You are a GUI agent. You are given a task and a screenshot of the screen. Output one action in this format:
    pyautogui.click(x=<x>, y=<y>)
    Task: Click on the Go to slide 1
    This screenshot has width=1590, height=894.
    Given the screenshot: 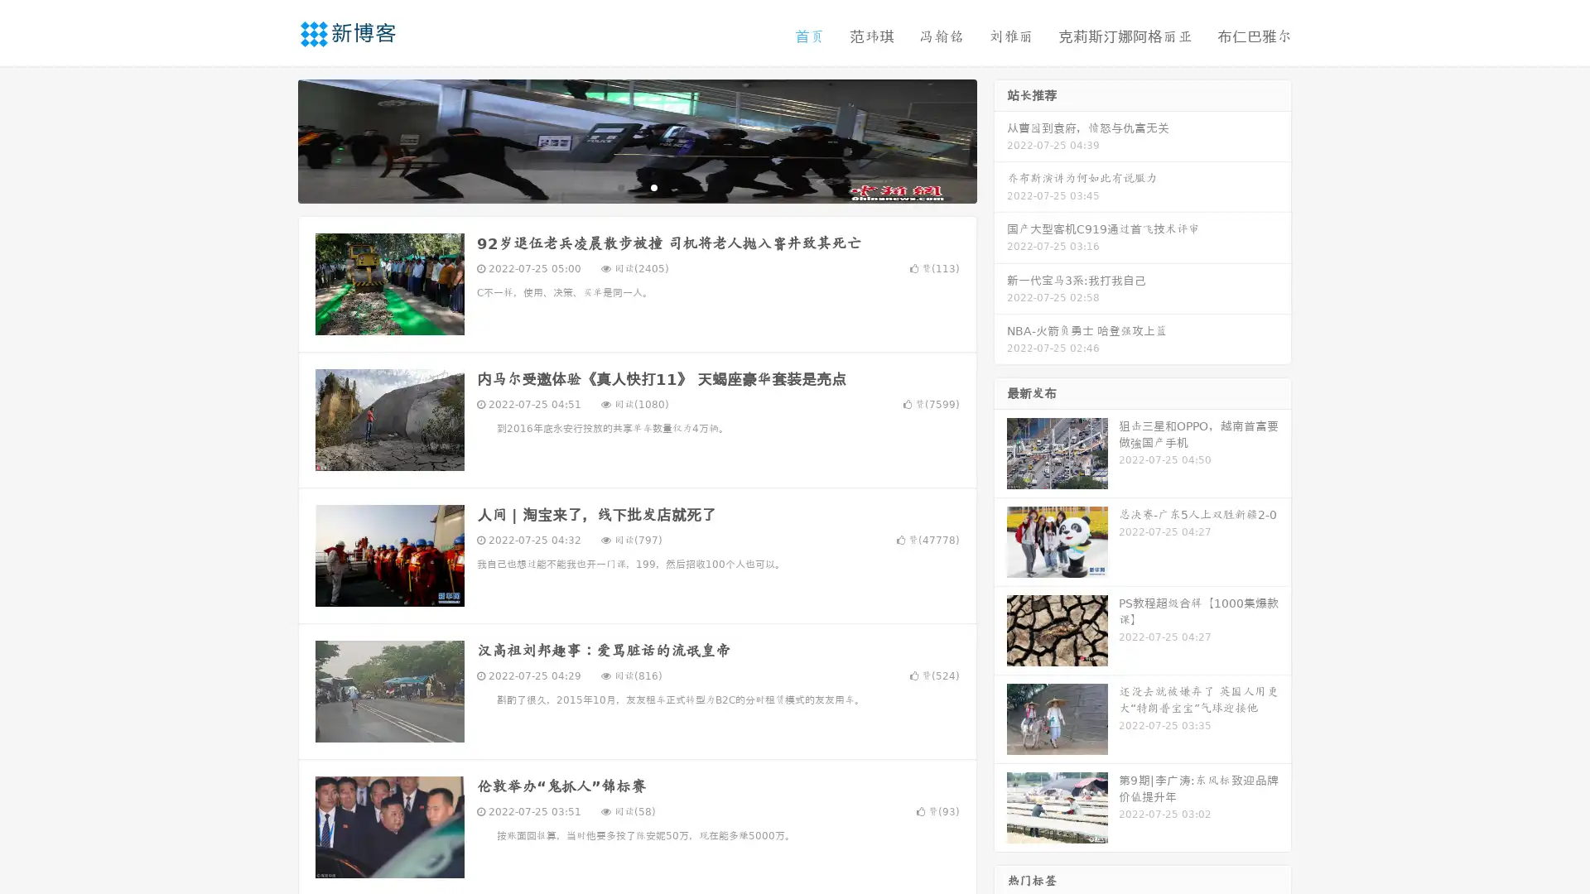 What is the action you would take?
    pyautogui.click(x=619, y=186)
    